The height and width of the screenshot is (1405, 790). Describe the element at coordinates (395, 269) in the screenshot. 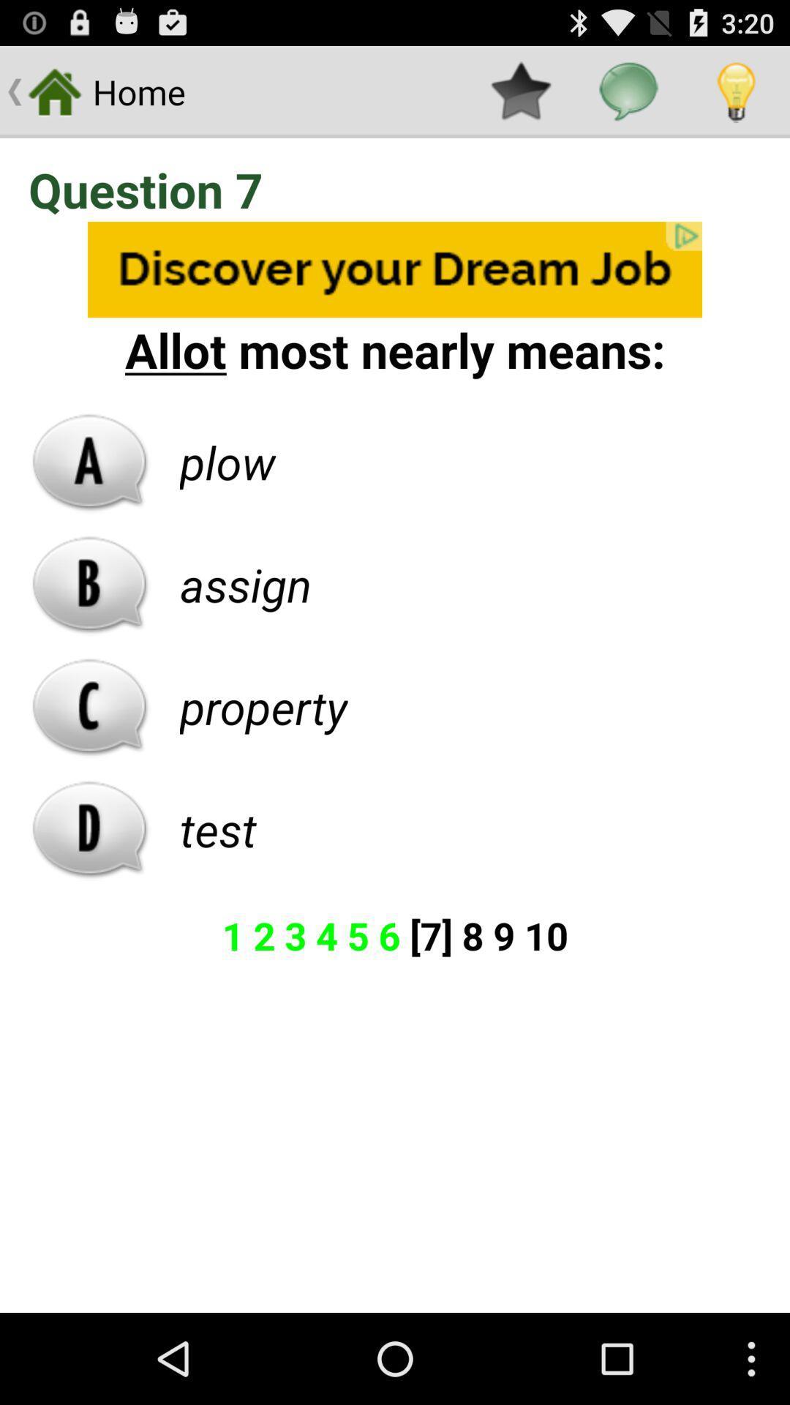

I see `top advertisement` at that location.